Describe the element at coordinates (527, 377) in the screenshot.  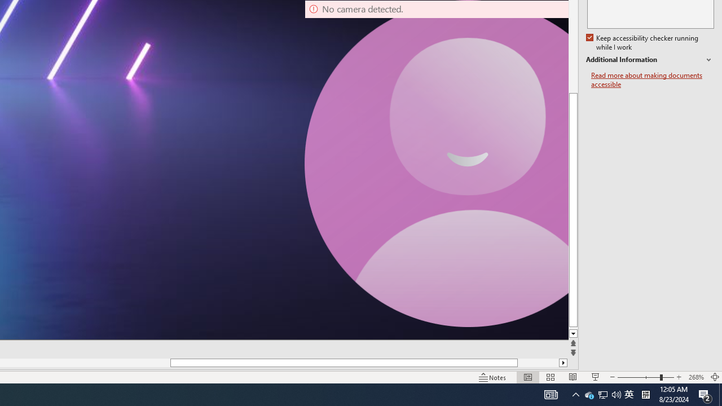
I see `'Normal'` at that location.